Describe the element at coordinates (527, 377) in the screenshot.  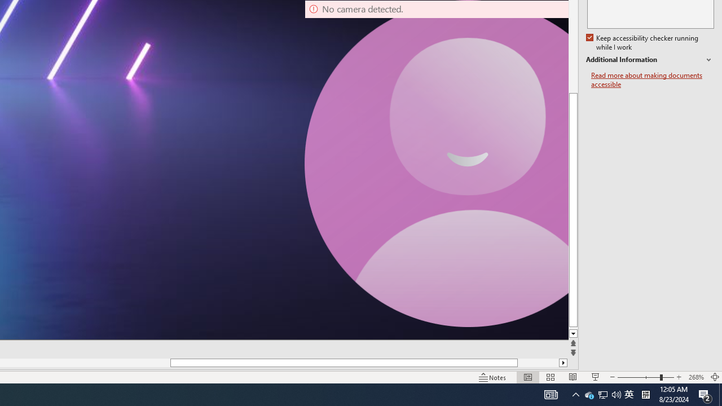
I see `'Normal'` at that location.